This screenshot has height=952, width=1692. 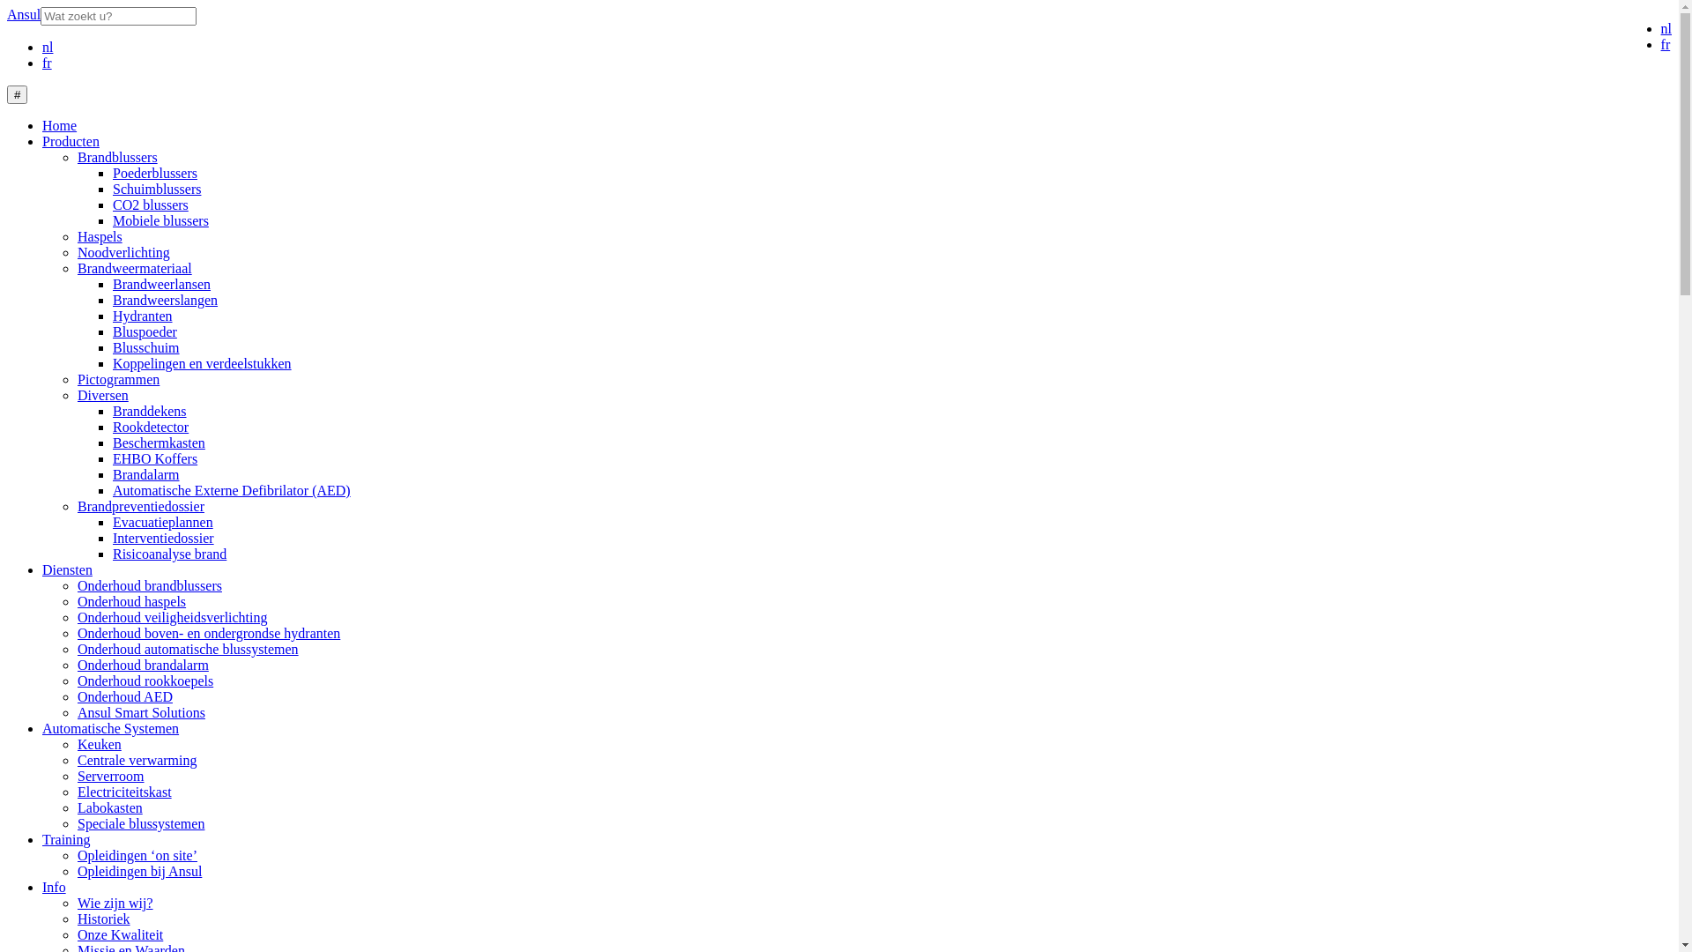 I want to click on 'CO2 blussers', so click(x=112, y=204).